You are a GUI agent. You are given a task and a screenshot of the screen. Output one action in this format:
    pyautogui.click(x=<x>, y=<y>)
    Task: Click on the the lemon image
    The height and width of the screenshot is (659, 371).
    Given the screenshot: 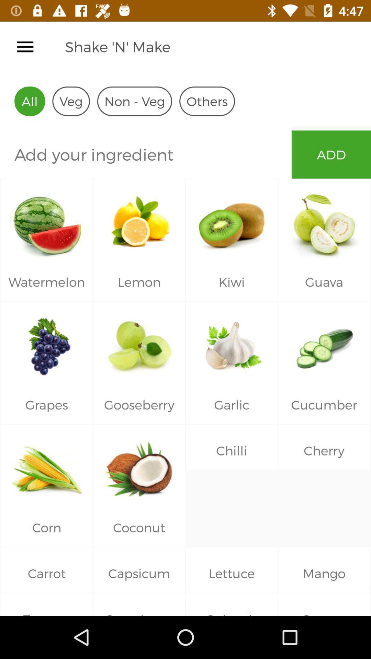 What is the action you would take?
    pyautogui.click(x=139, y=221)
    